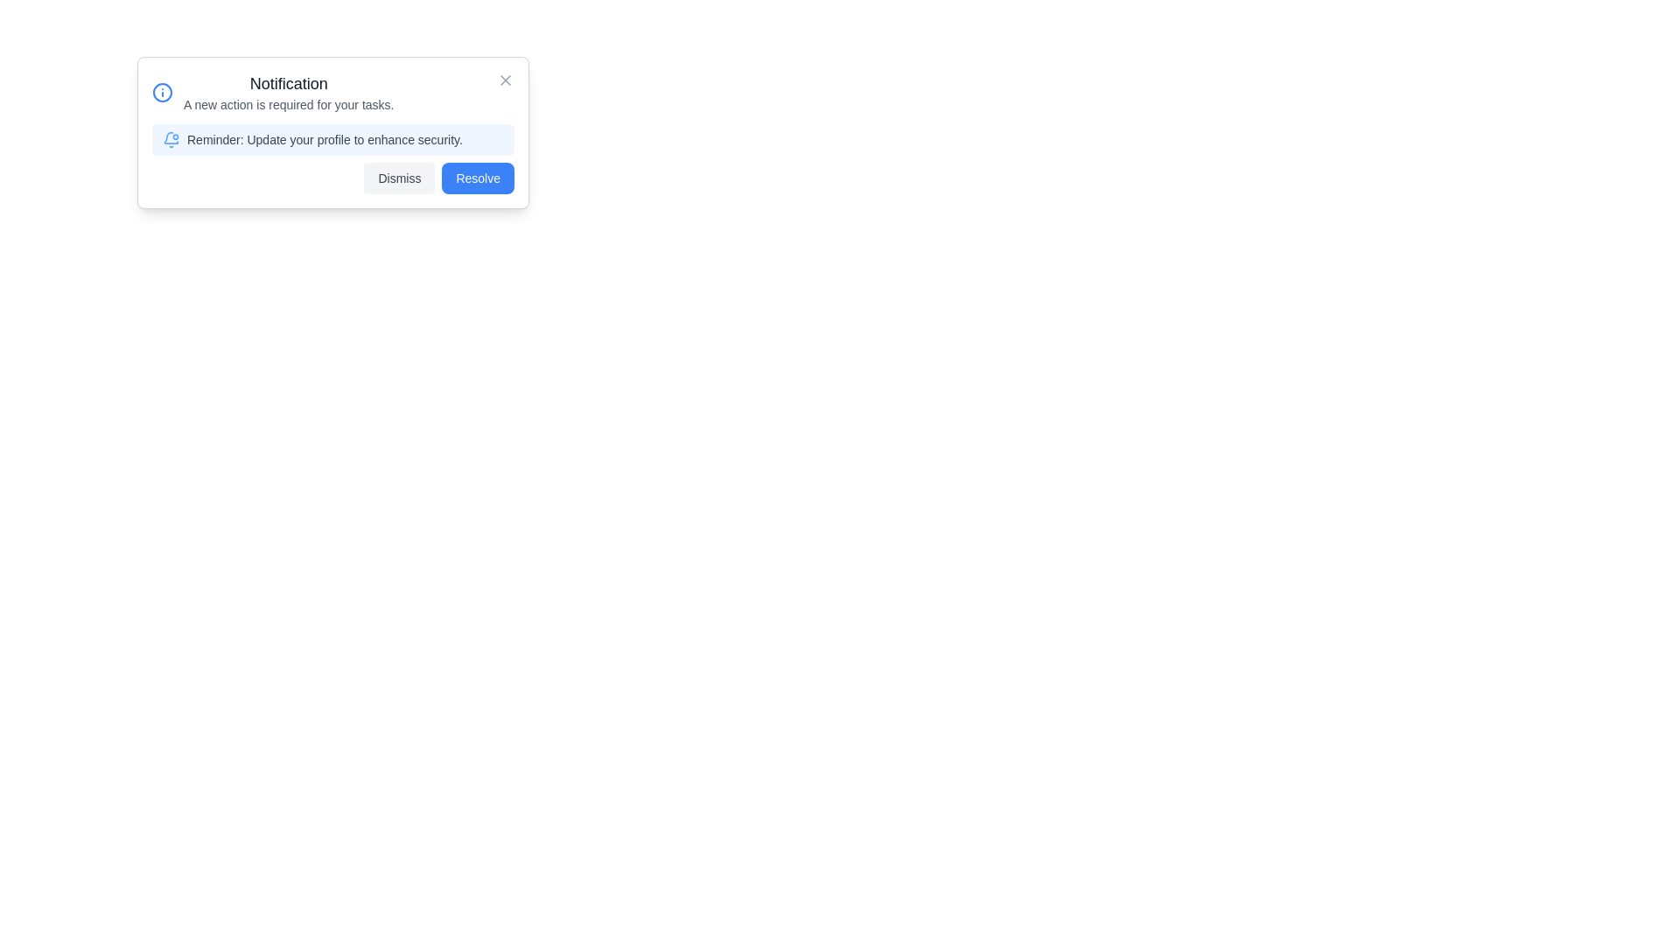 Image resolution: width=1680 pixels, height=945 pixels. I want to click on the 'Resolve' button, which is a blue button with white text, located at the bottom-right of the notification popup, to resolve the notification, so click(478, 178).